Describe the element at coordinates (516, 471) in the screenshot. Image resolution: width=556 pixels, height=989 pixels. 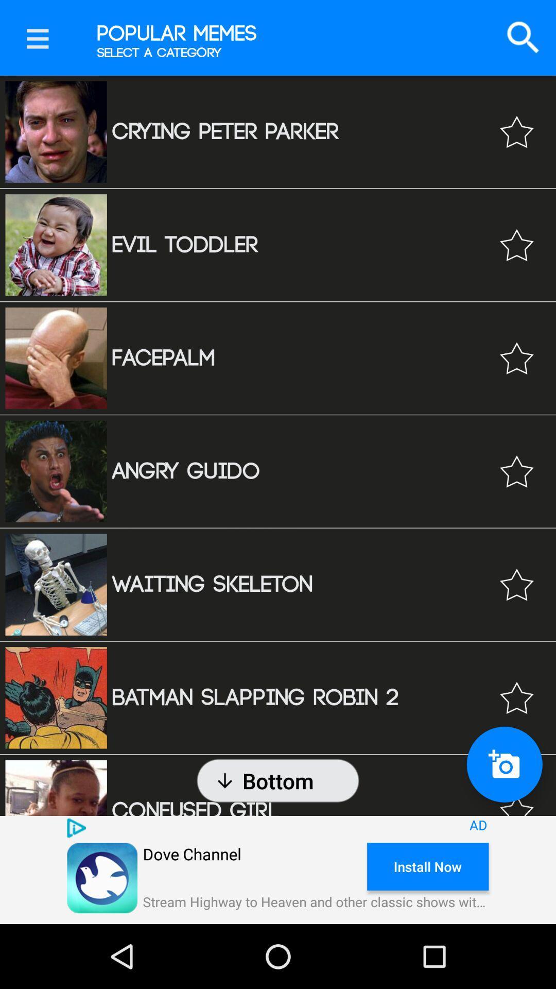
I see `the post` at that location.